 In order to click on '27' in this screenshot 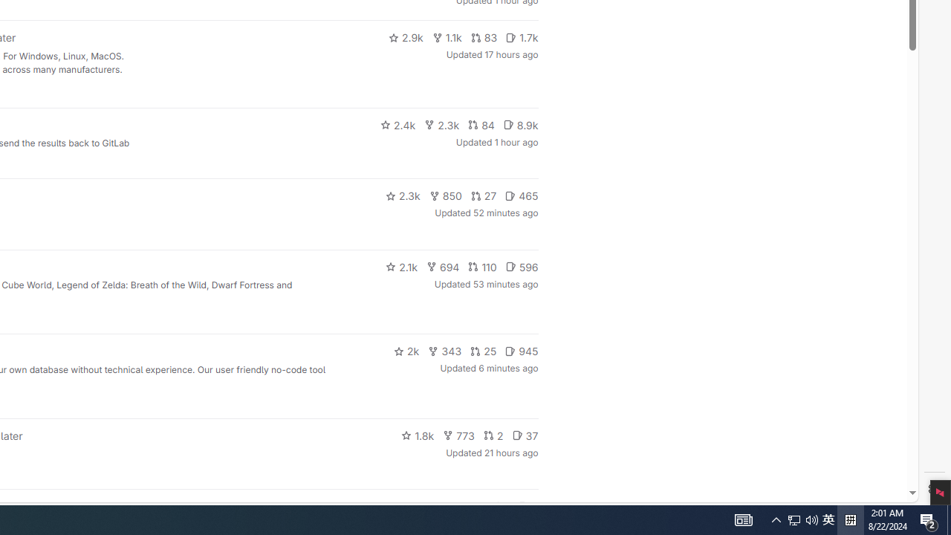, I will do `click(484, 195)`.